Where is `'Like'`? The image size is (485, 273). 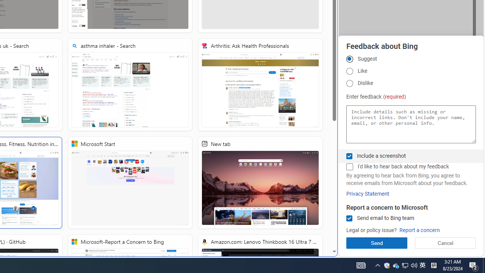
'Like' is located at coordinates (349, 71).